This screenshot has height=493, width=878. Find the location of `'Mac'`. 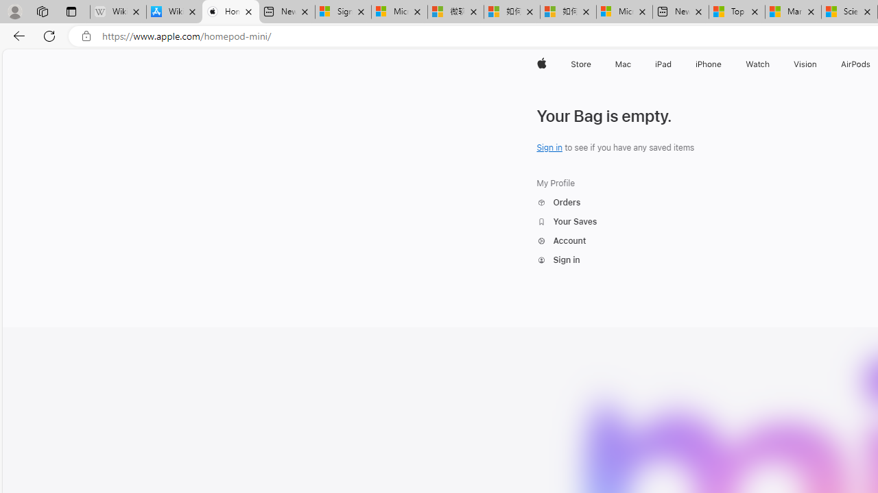

'Mac' is located at coordinates (622, 64).